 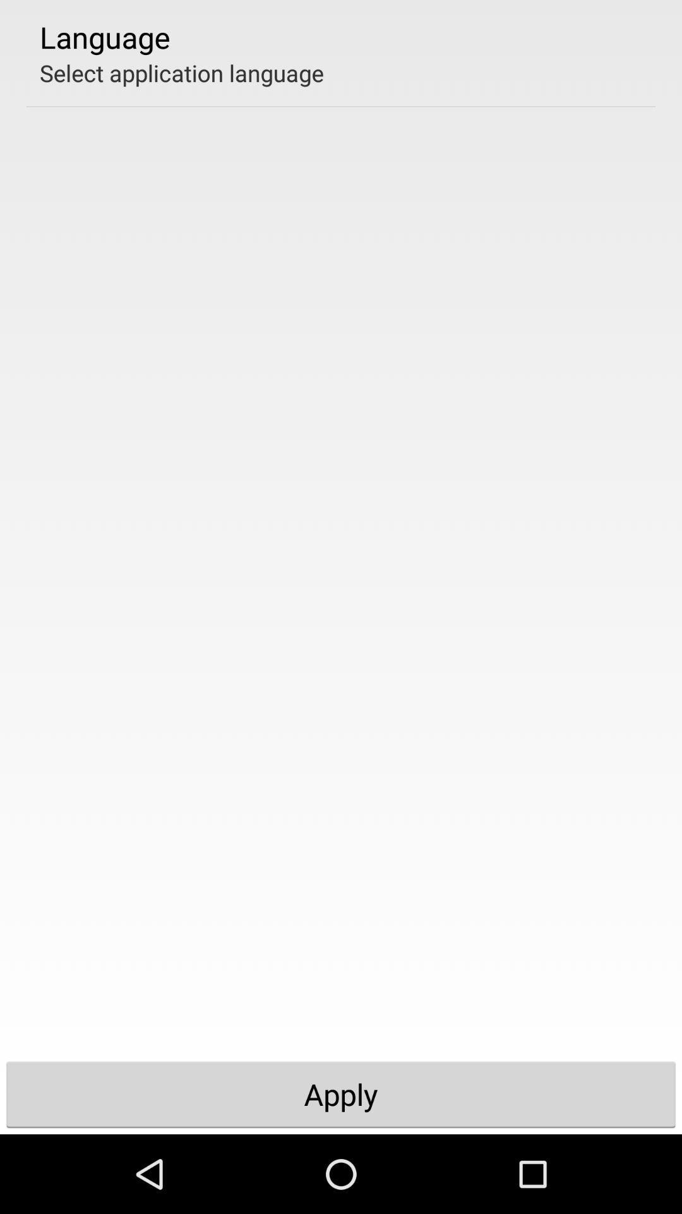 What do you see at coordinates (341, 1094) in the screenshot?
I see `apply button` at bounding box center [341, 1094].